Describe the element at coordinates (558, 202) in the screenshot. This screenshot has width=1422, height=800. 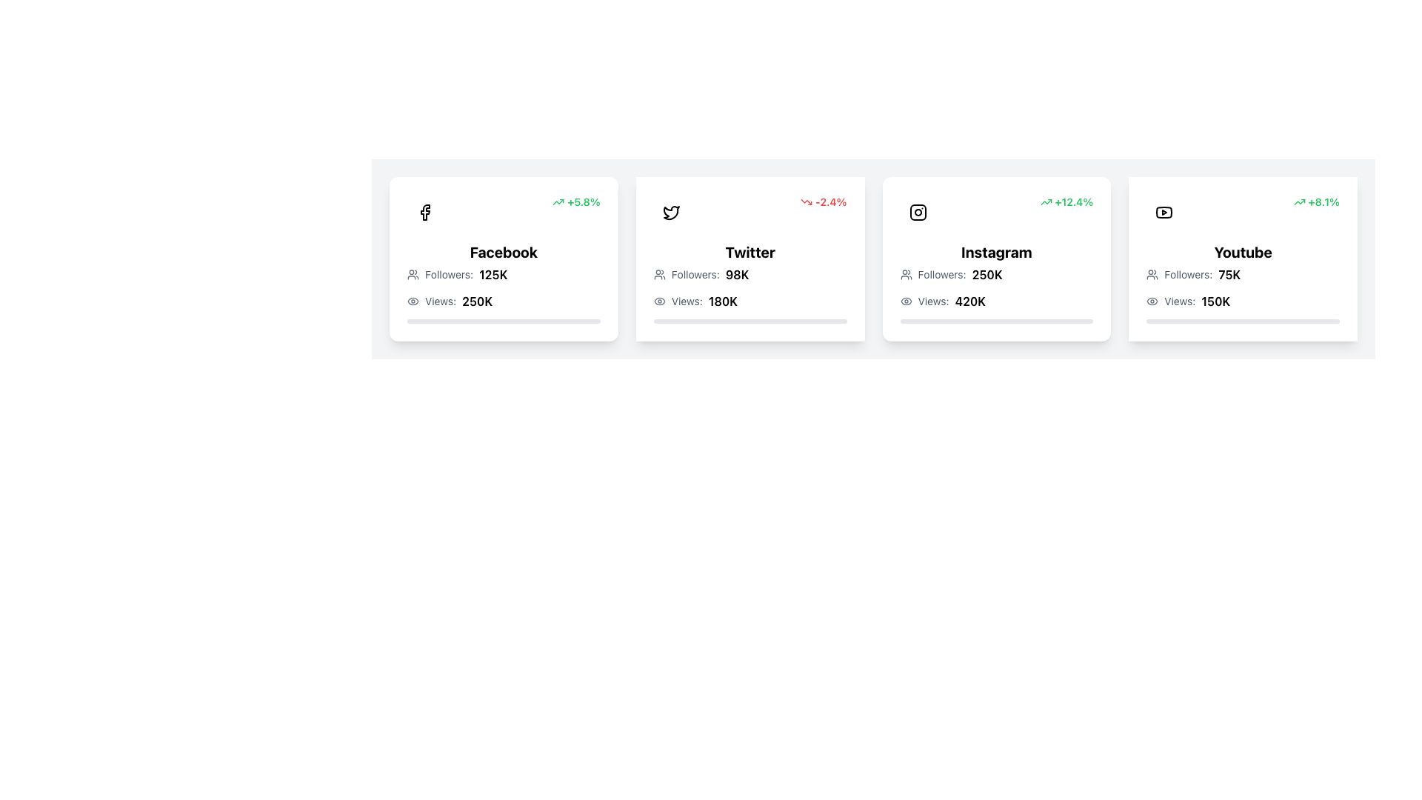
I see `the upwards-pointing green arrow icon indicating a positive trend, located at the top-right corner of the Facebook card, directly left of the text '+5.8%'` at that location.